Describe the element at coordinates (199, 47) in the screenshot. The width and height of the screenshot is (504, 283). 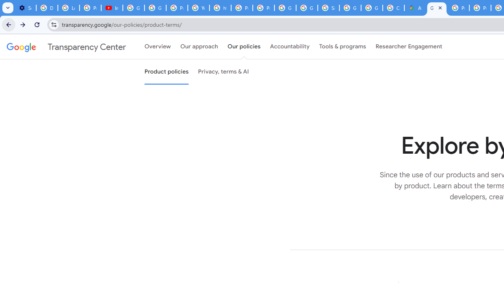
I see `'Our approach'` at that location.